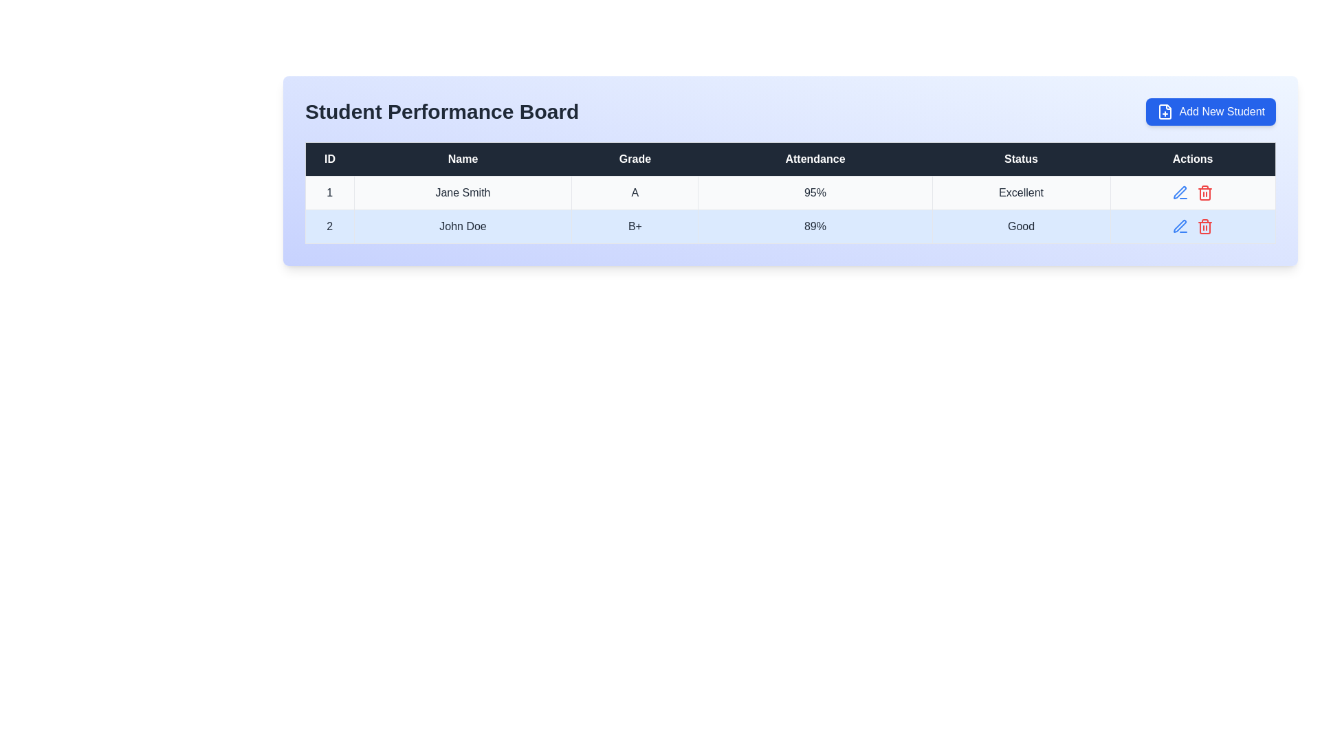 Image resolution: width=1320 pixels, height=742 pixels. Describe the element at coordinates (463, 193) in the screenshot. I see `the text element displaying 'Jane Smith' located in the 'Name' column of the table` at that location.